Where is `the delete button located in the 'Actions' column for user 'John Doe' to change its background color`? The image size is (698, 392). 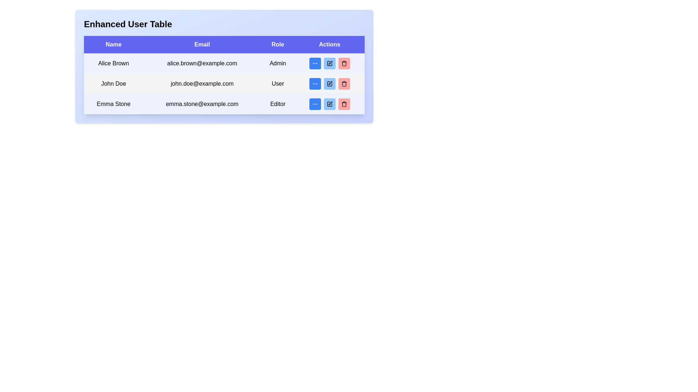 the delete button located in the 'Actions' column for user 'John Doe' to change its background color is located at coordinates (344, 83).